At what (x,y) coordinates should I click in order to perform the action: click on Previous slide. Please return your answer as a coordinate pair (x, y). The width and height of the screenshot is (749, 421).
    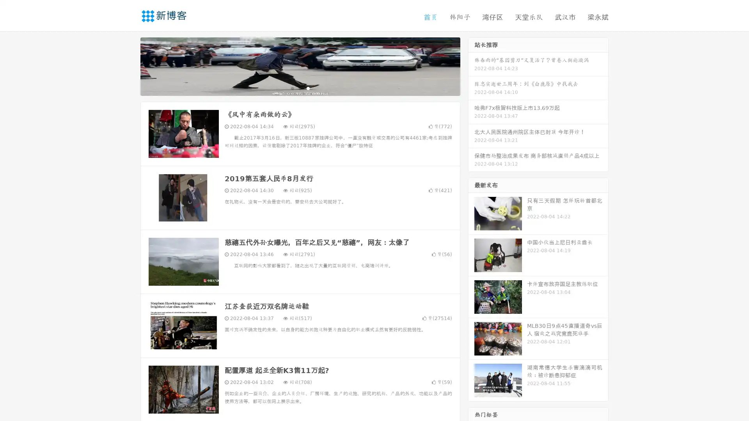
    Looking at the image, I should click on (129, 65).